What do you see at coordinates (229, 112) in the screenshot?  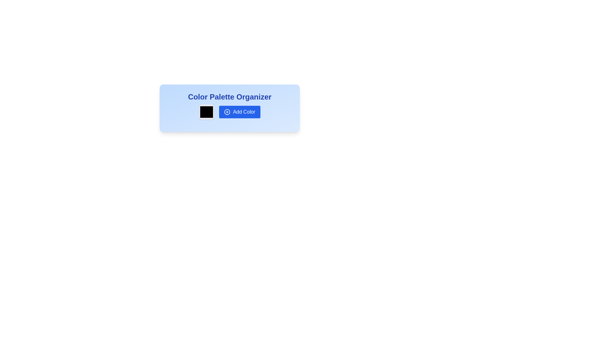 I see `the blue rectangular button labeled 'Add Color' with a plus sign icon` at bounding box center [229, 112].